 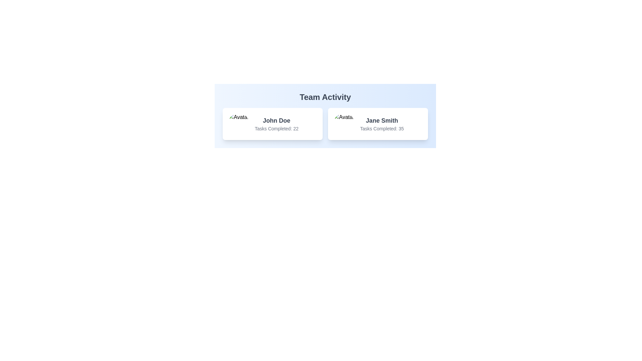 I want to click on the circular avatar image located in the 'Team Activity' section, so click(x=344, y=124).